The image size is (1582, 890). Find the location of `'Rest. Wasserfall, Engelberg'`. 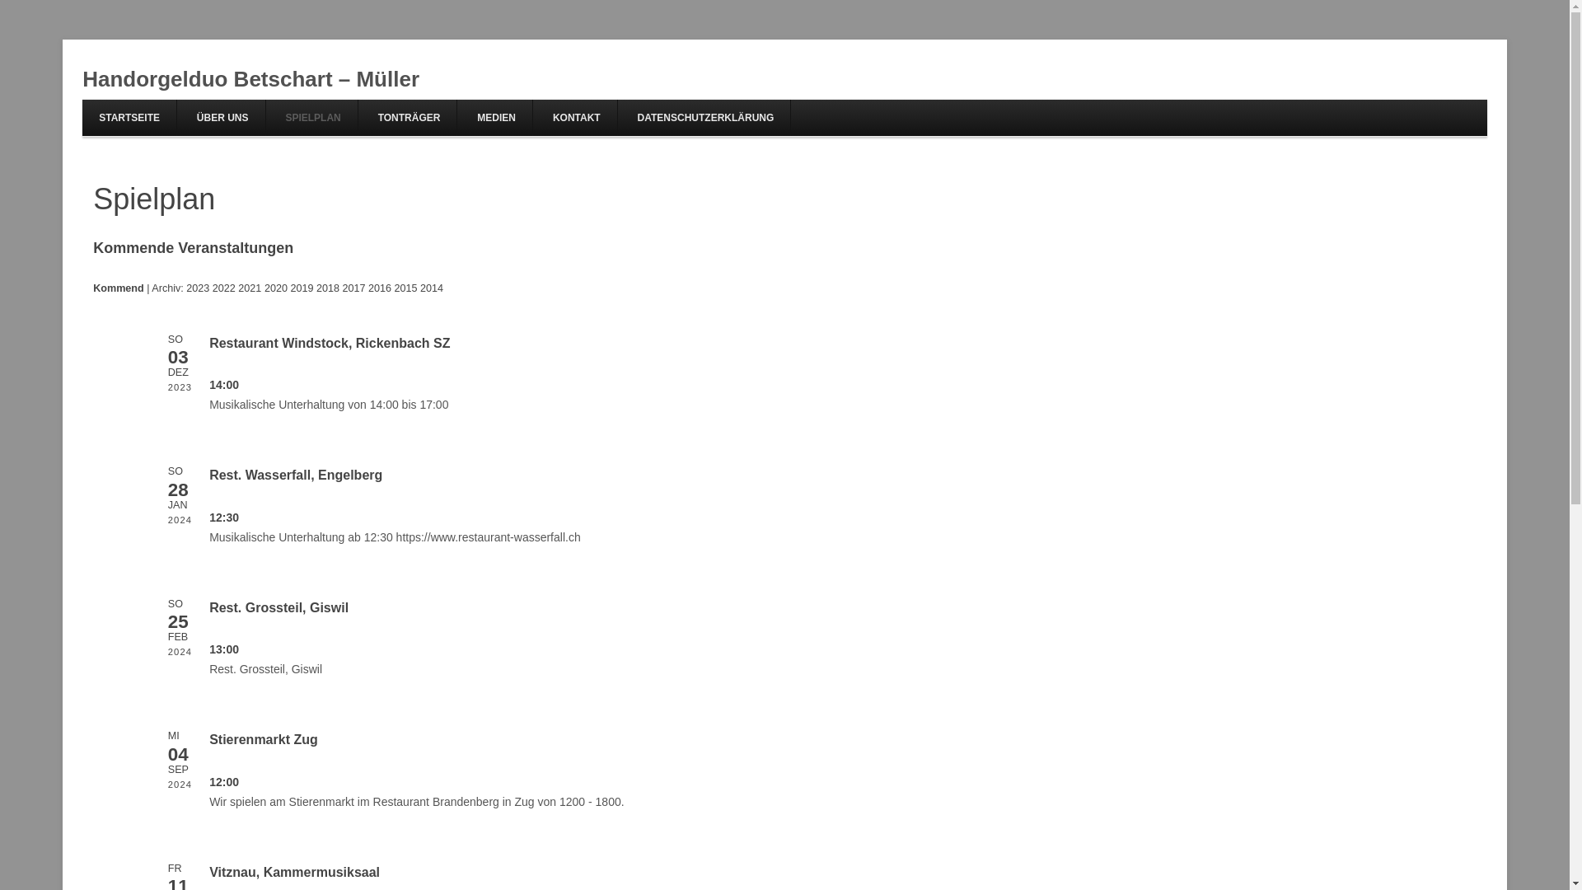

'Rest. Wasserfall, Engelberg' is located at coordinates (296, 475).